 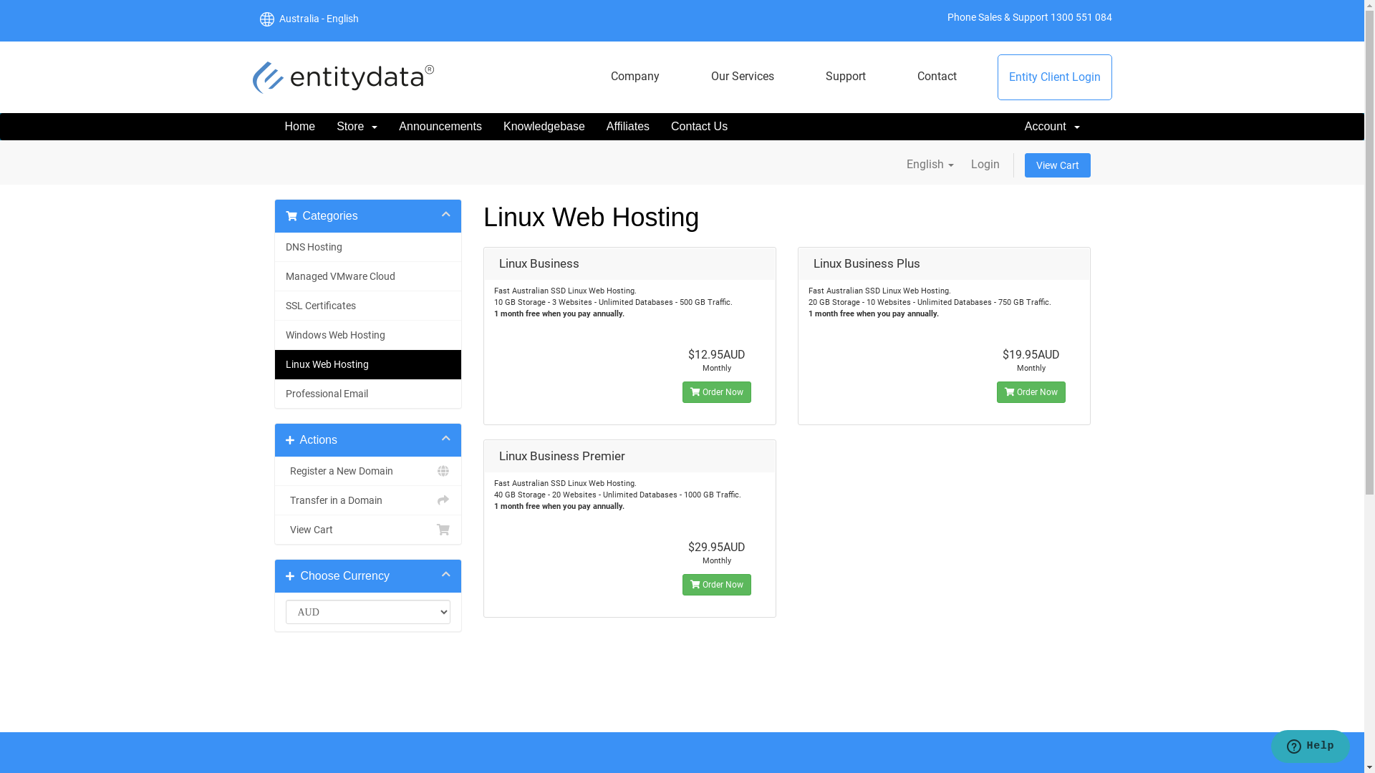 I want to click on 'Order Now', so click(x=1031, y=392).